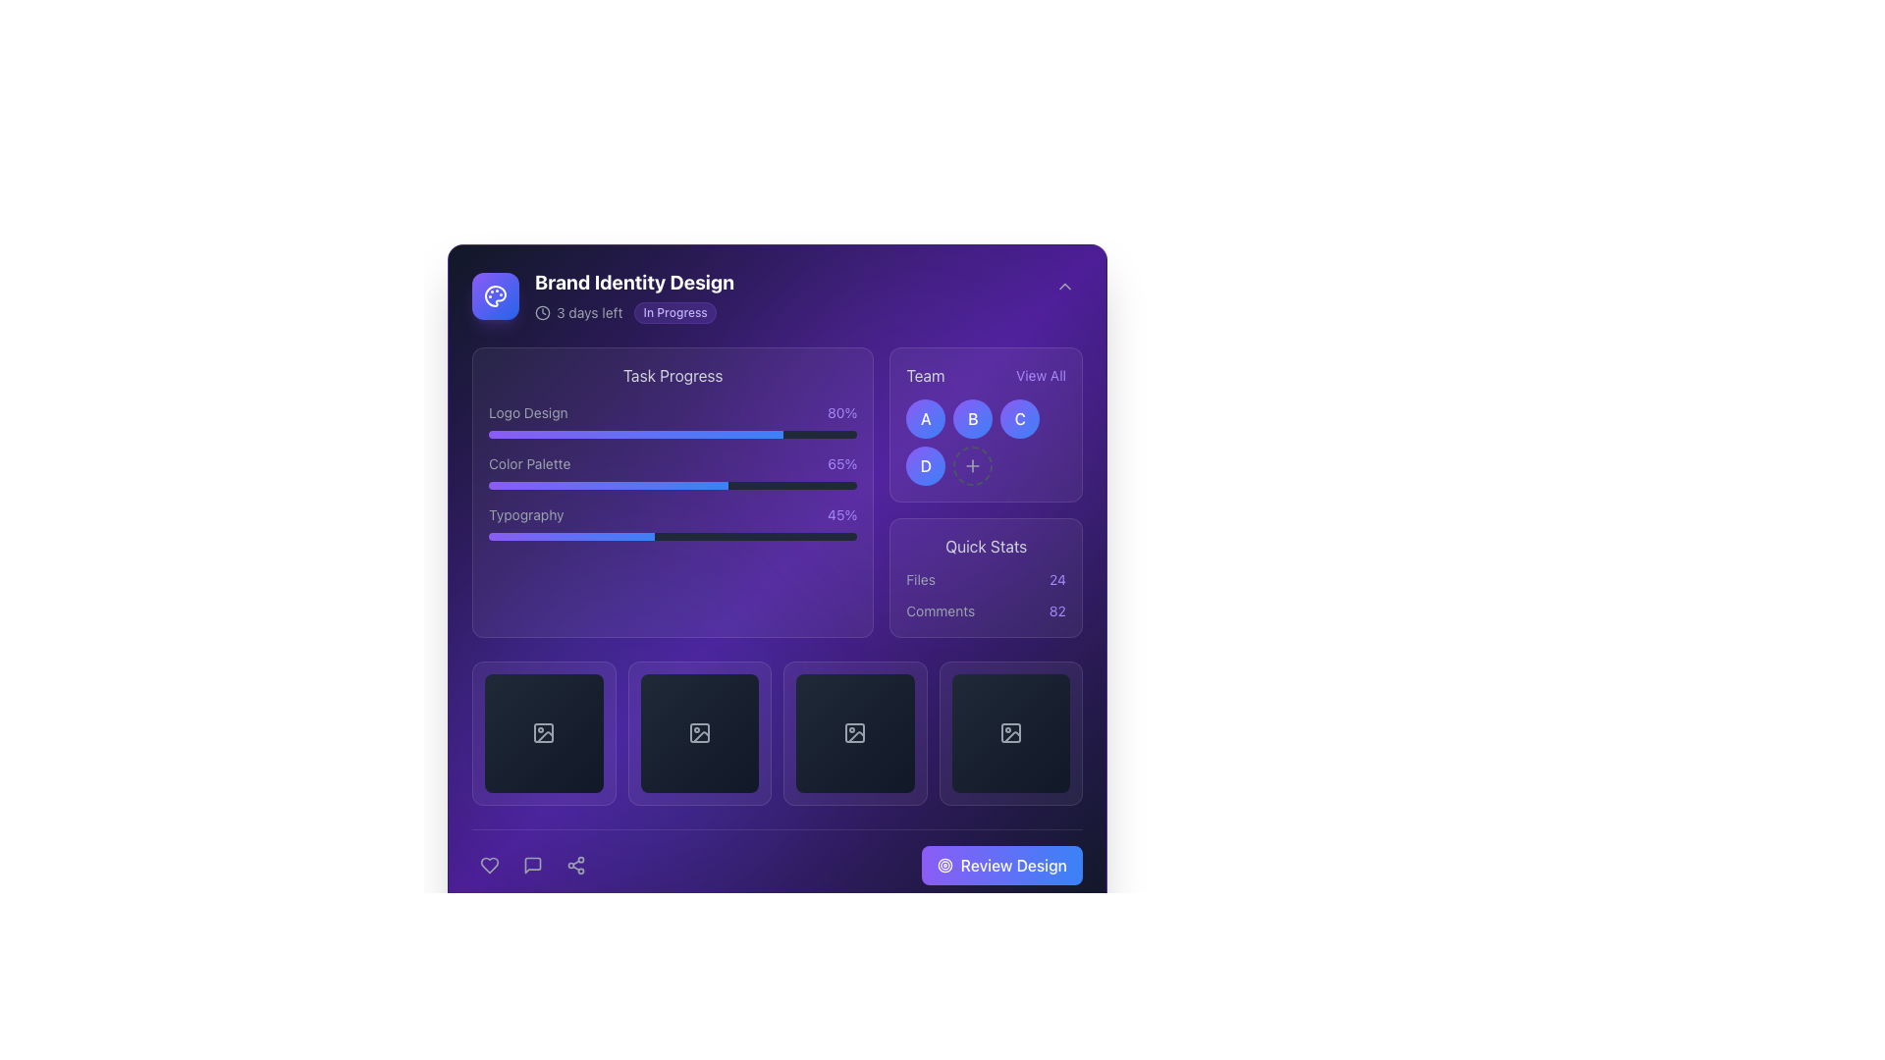 This screenshot has height=1060, width=1885. Describe the element at coordinates (570, 537) in the screenshot. I see `the filled portion of the progress bar representing 45% completion of the 'Typography' task in the 'Task Progress' section, if it has interactive behavior` at that location.